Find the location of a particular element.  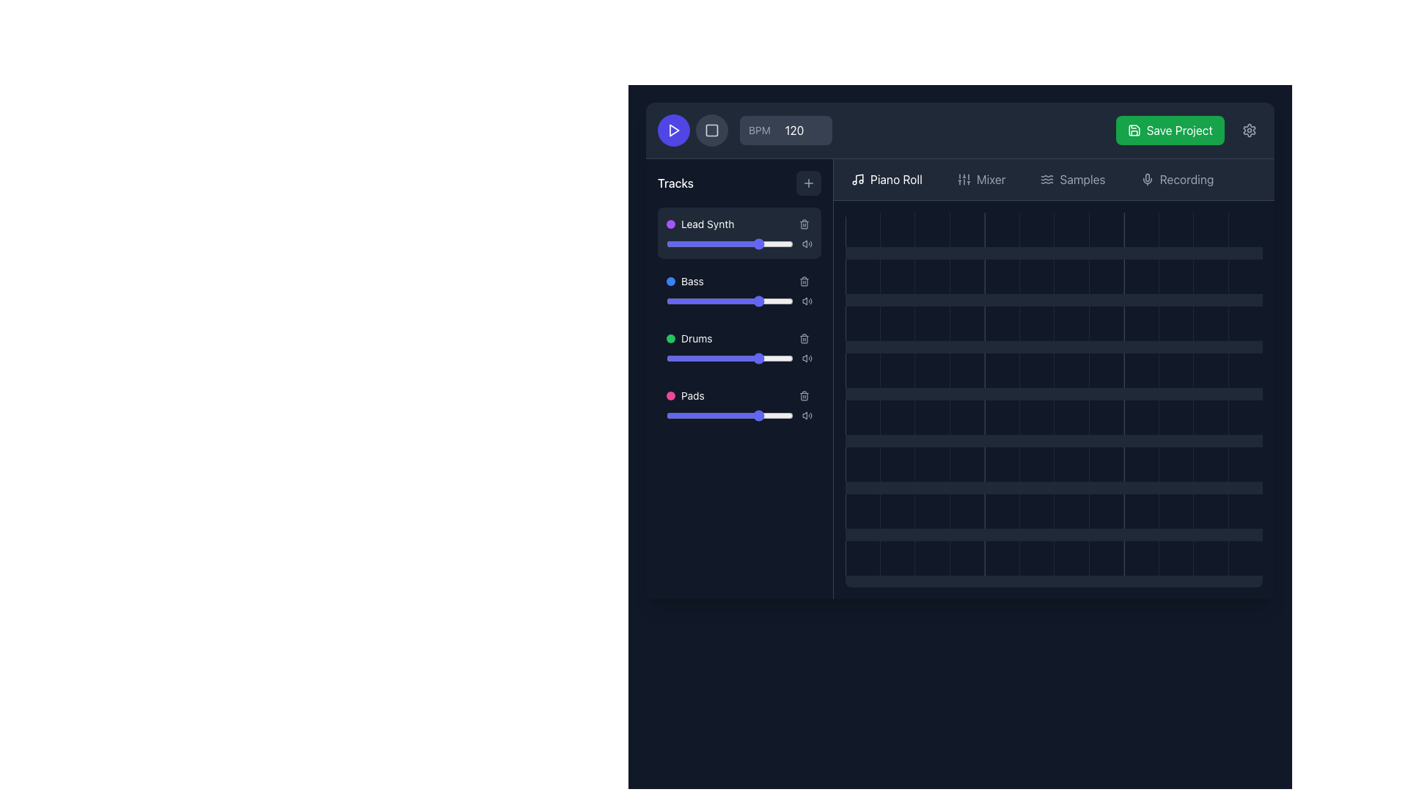

the grid tile element located is located at coordinates (1001, 558).